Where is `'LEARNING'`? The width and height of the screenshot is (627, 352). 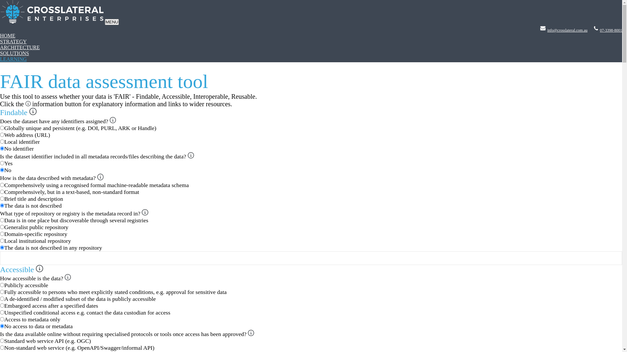 'LEARNING' is located at coordinates (13, 59).